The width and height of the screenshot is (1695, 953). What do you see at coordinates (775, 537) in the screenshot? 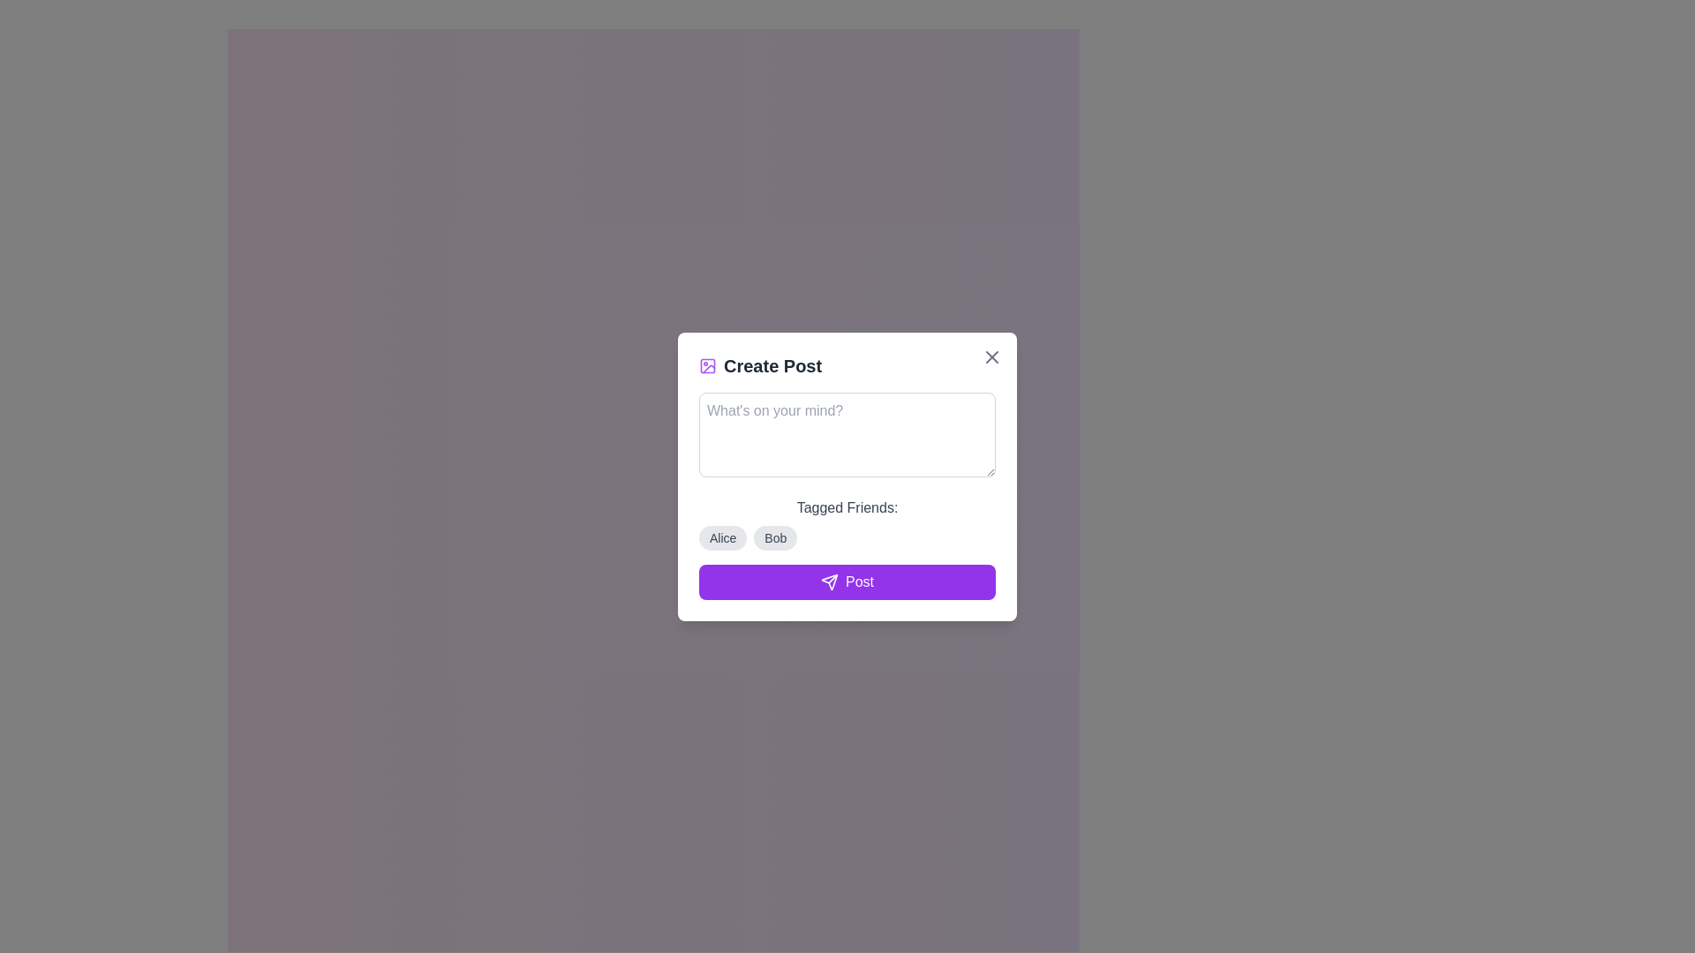
I see `the button-like label with the text 'Bob', which is the second interactive tag in a series of buttons located below the 'Tagged Friends:' label` at bounding box center [775, 537].